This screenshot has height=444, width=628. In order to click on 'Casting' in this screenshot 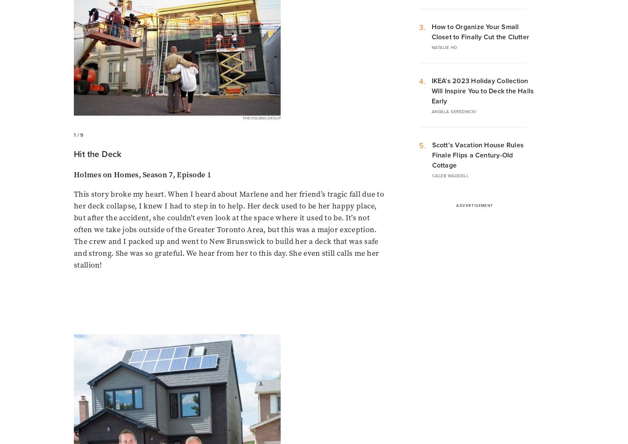, I will do `click(392, 292)`.